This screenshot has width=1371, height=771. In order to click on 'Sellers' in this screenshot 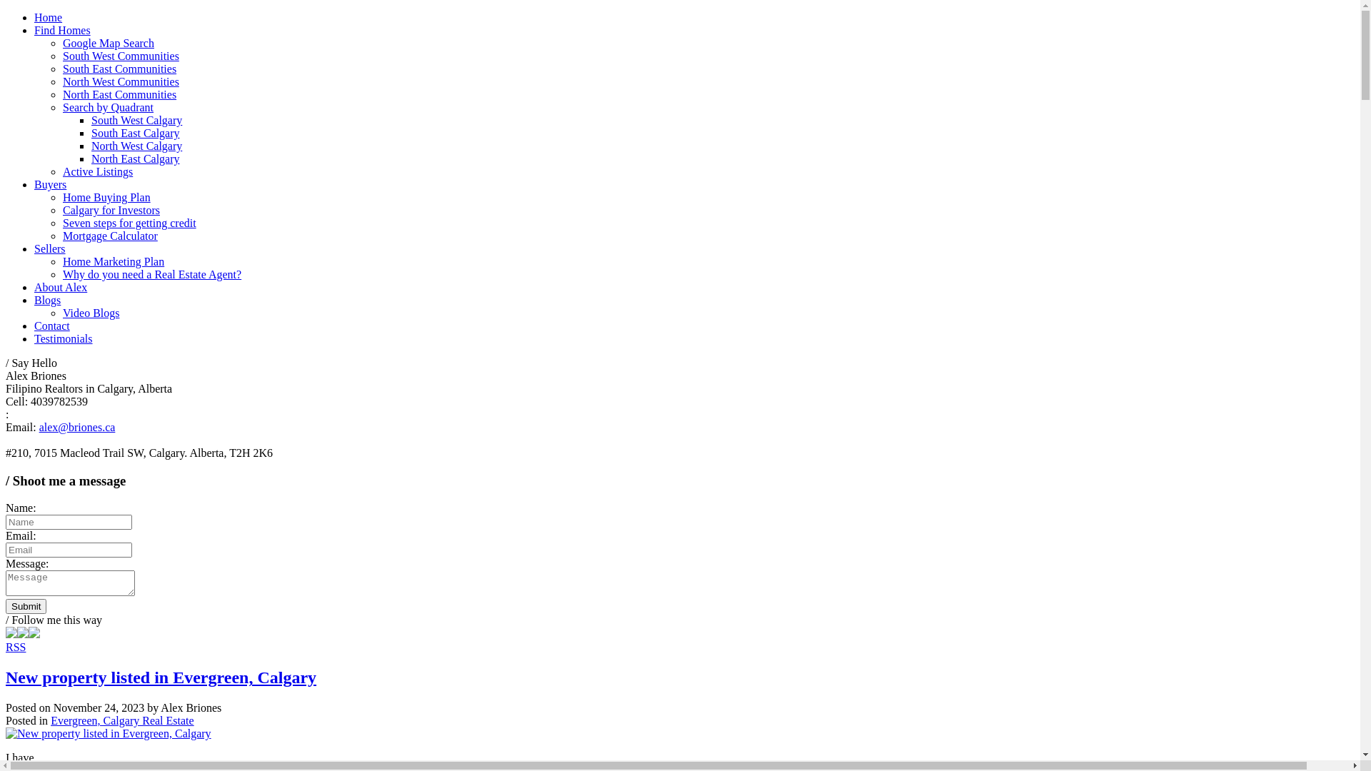, I will do `click(50, 248)`.